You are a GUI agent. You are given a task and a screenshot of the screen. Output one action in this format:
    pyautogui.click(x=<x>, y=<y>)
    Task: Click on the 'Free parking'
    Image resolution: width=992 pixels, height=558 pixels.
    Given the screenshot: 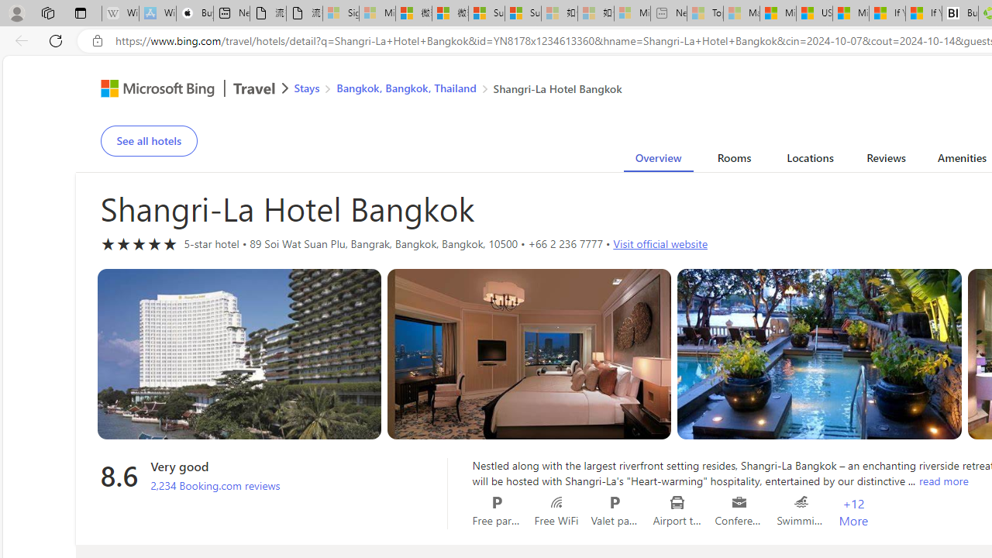 What is the action you would take?
    pyautogui.click(x=497, y=502)
    